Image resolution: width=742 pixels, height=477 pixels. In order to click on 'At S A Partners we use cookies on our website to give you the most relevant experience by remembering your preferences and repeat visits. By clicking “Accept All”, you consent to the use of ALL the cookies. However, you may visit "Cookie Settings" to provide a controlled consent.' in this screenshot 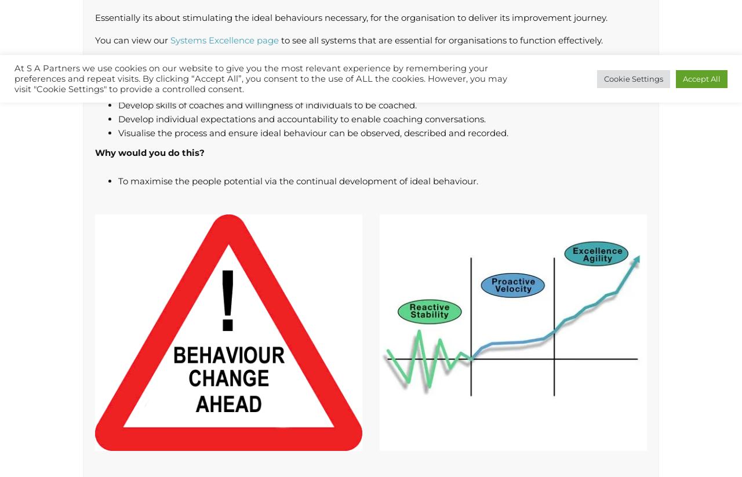, I will do `click(260, 78)`.